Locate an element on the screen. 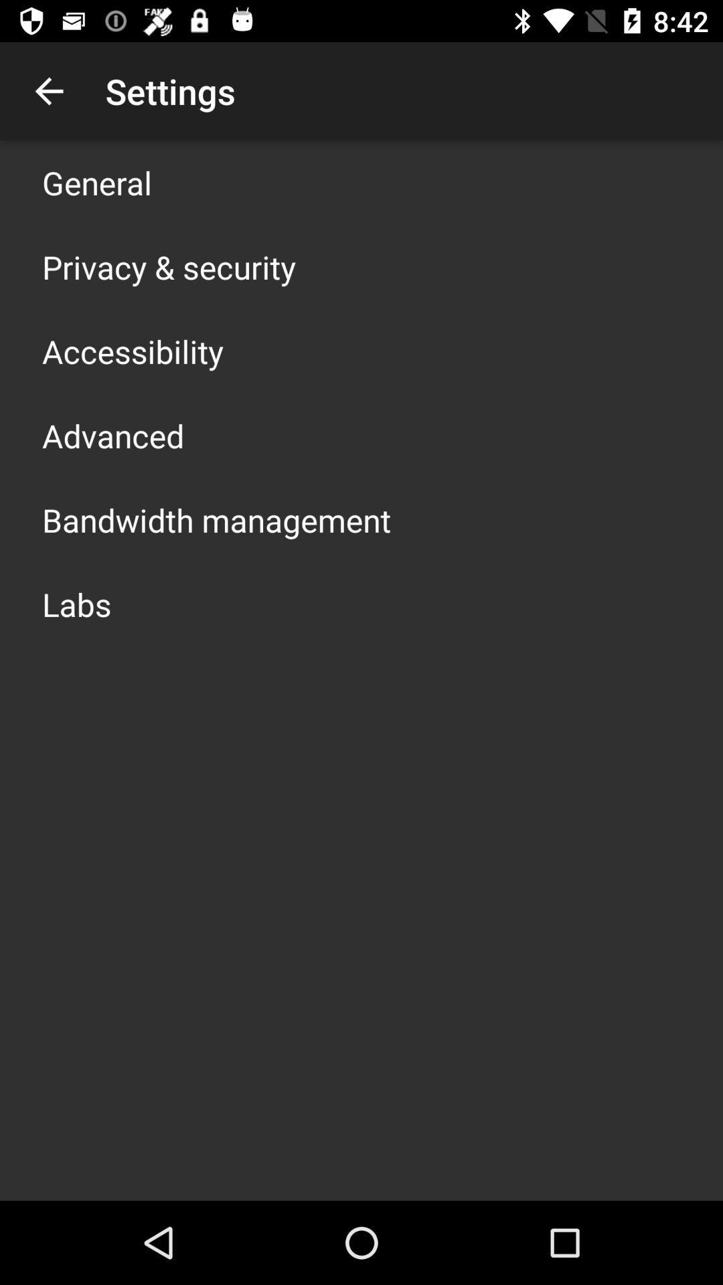 This screenshot has width=723, height=1285. icon below the accessibility icon is located at coordinates (112, 436).